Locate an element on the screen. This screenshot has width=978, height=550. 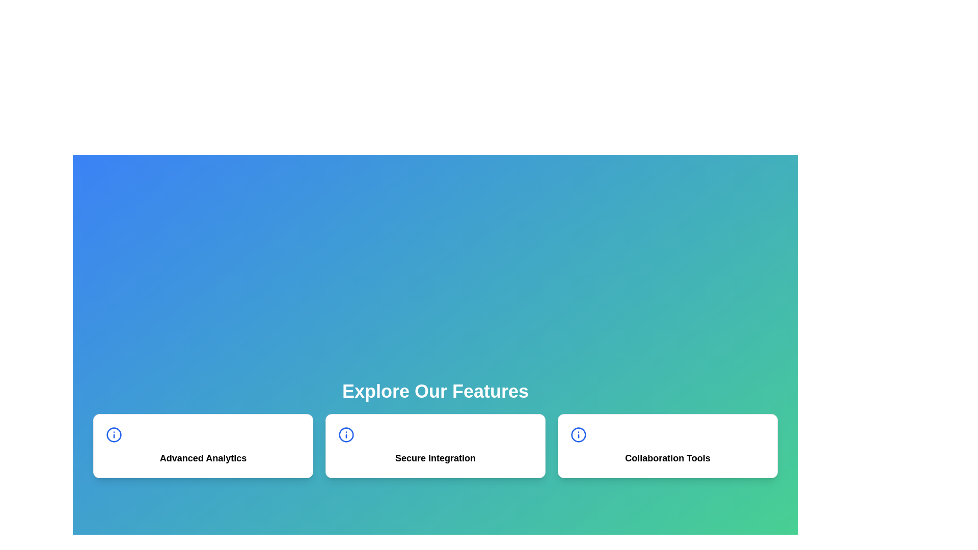
the 'Collaboration Tools' clickable card, which is the third card in a horizontal row is located at coordinates (667, 445).